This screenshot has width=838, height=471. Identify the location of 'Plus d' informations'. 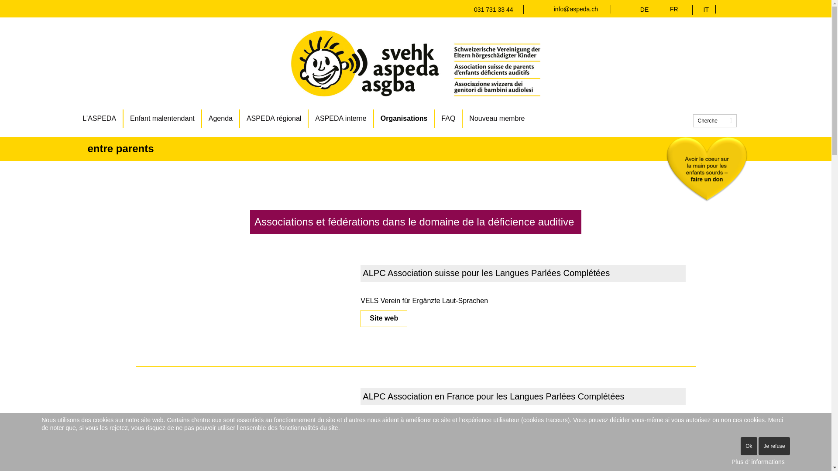
(758, 461).